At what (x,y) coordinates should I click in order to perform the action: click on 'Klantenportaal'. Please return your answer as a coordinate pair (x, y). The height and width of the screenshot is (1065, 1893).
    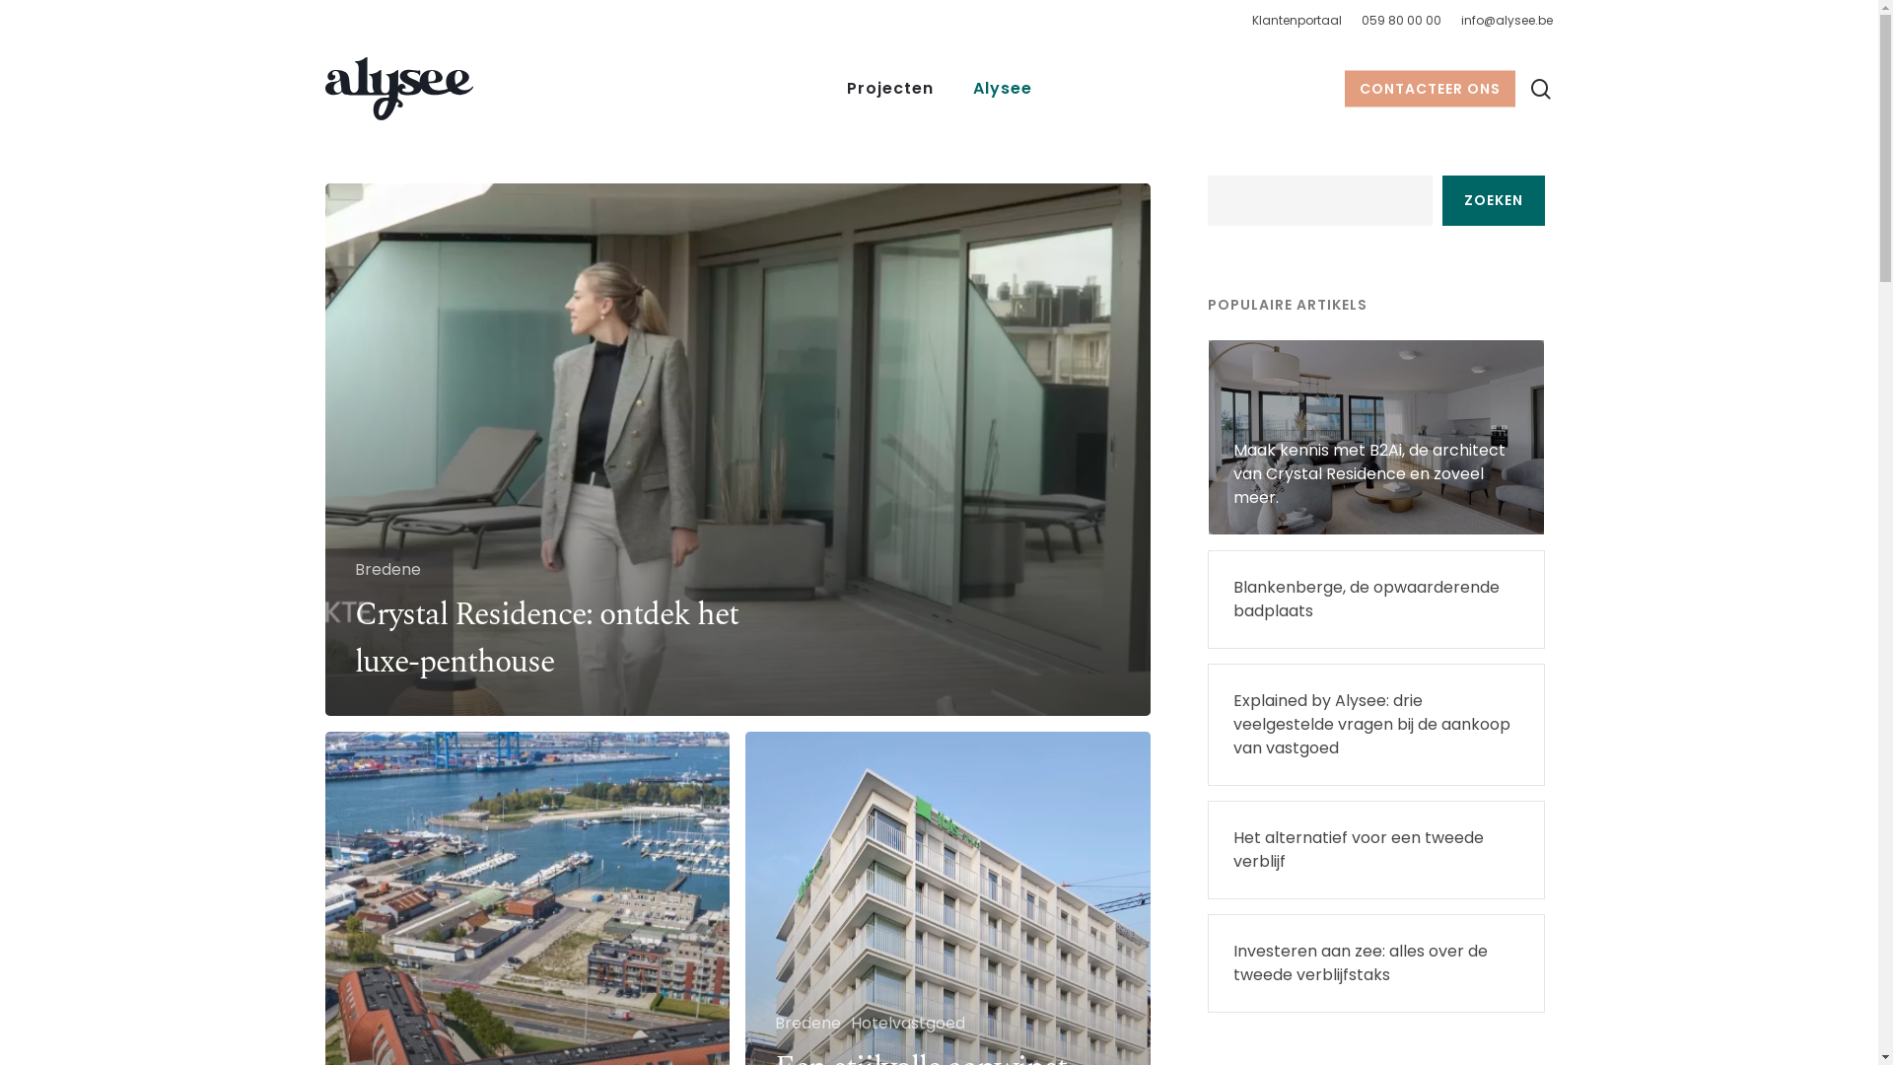
    Looking at the image, I should click on (1297, 20).